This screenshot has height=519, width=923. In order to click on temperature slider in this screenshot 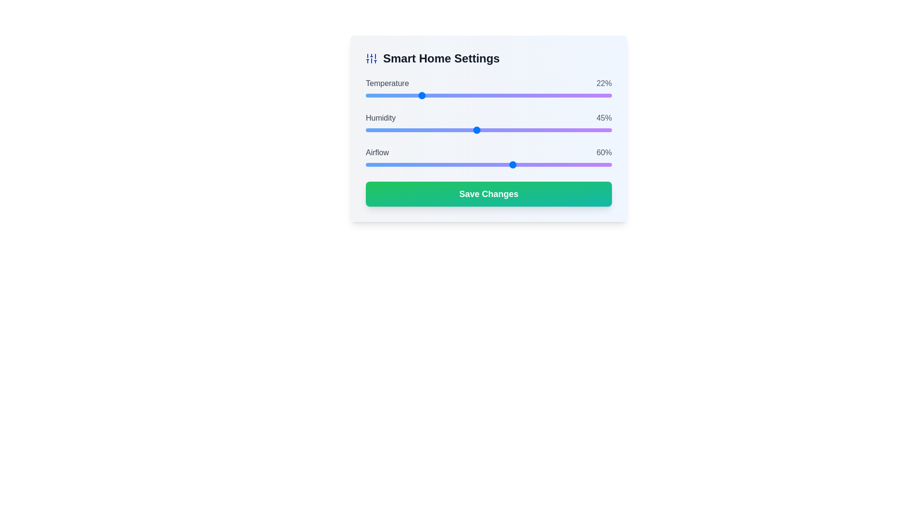, I will do `click(496, 96)`.